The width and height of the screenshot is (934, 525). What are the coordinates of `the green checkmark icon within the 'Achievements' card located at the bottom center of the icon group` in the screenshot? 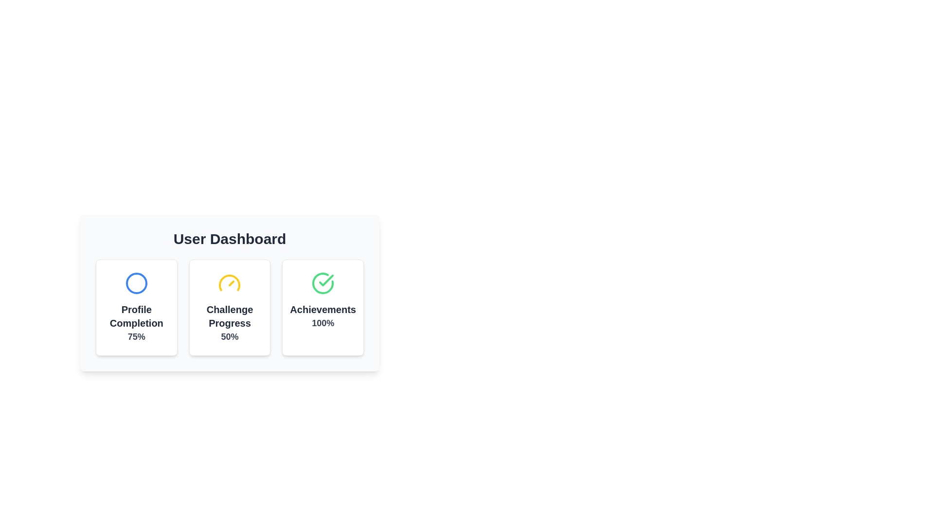 It's located at (326, 280).